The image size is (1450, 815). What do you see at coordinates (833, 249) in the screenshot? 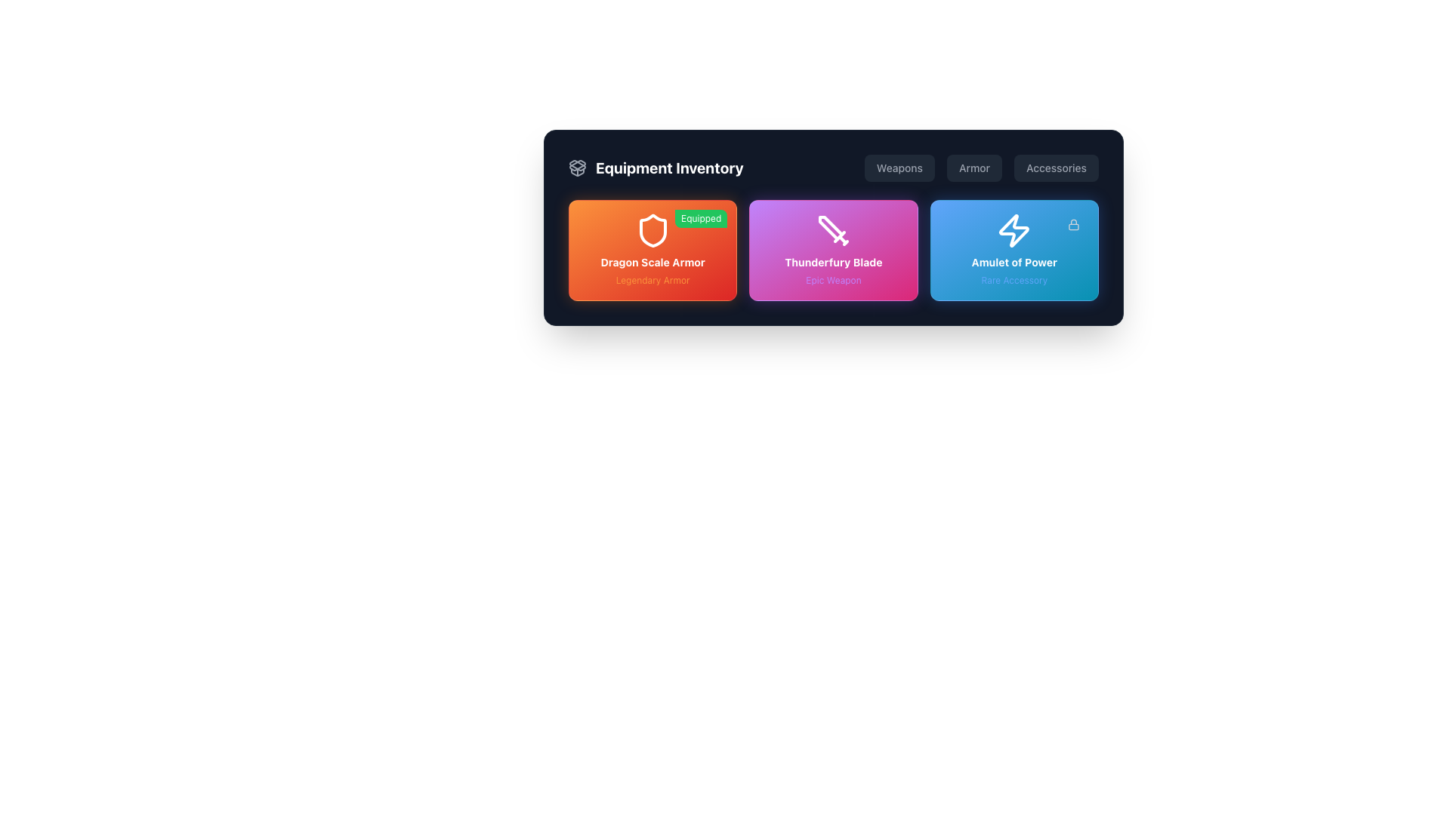
I see `to select the 'Thunderfury Blade' informational card, which is the middle card in a row of three cards in the inventory UI` at bounding box center [833, 249].